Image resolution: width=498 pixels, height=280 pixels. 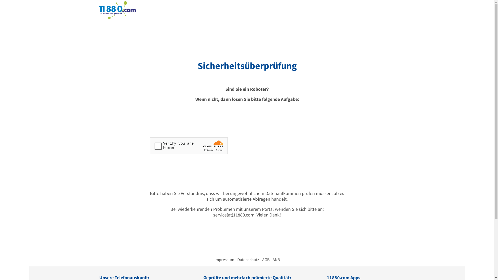 What do you see at coordinates (265, 260) in the screenshot?
I see `'AGB'` at bounding box center [265, 260].